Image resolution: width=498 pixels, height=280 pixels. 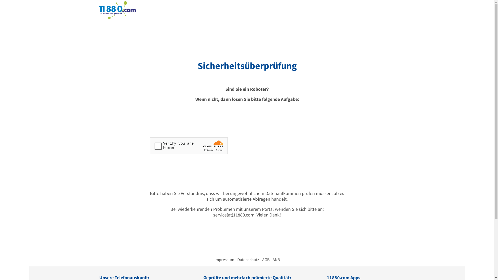 What do you see at coordinates (265, 260) in the screenshot?
I see `'AGB'` at bounding box center [265, 260].